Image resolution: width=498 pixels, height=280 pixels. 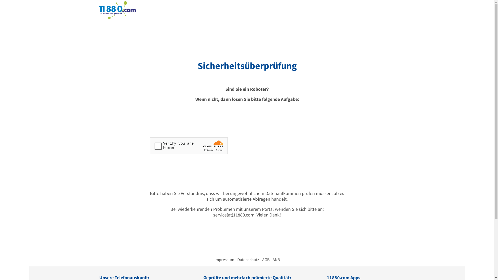 What do you see at coordinates (265, 260) in the screenshot?
I see `'AGB'` at bounding box center [265, 260].